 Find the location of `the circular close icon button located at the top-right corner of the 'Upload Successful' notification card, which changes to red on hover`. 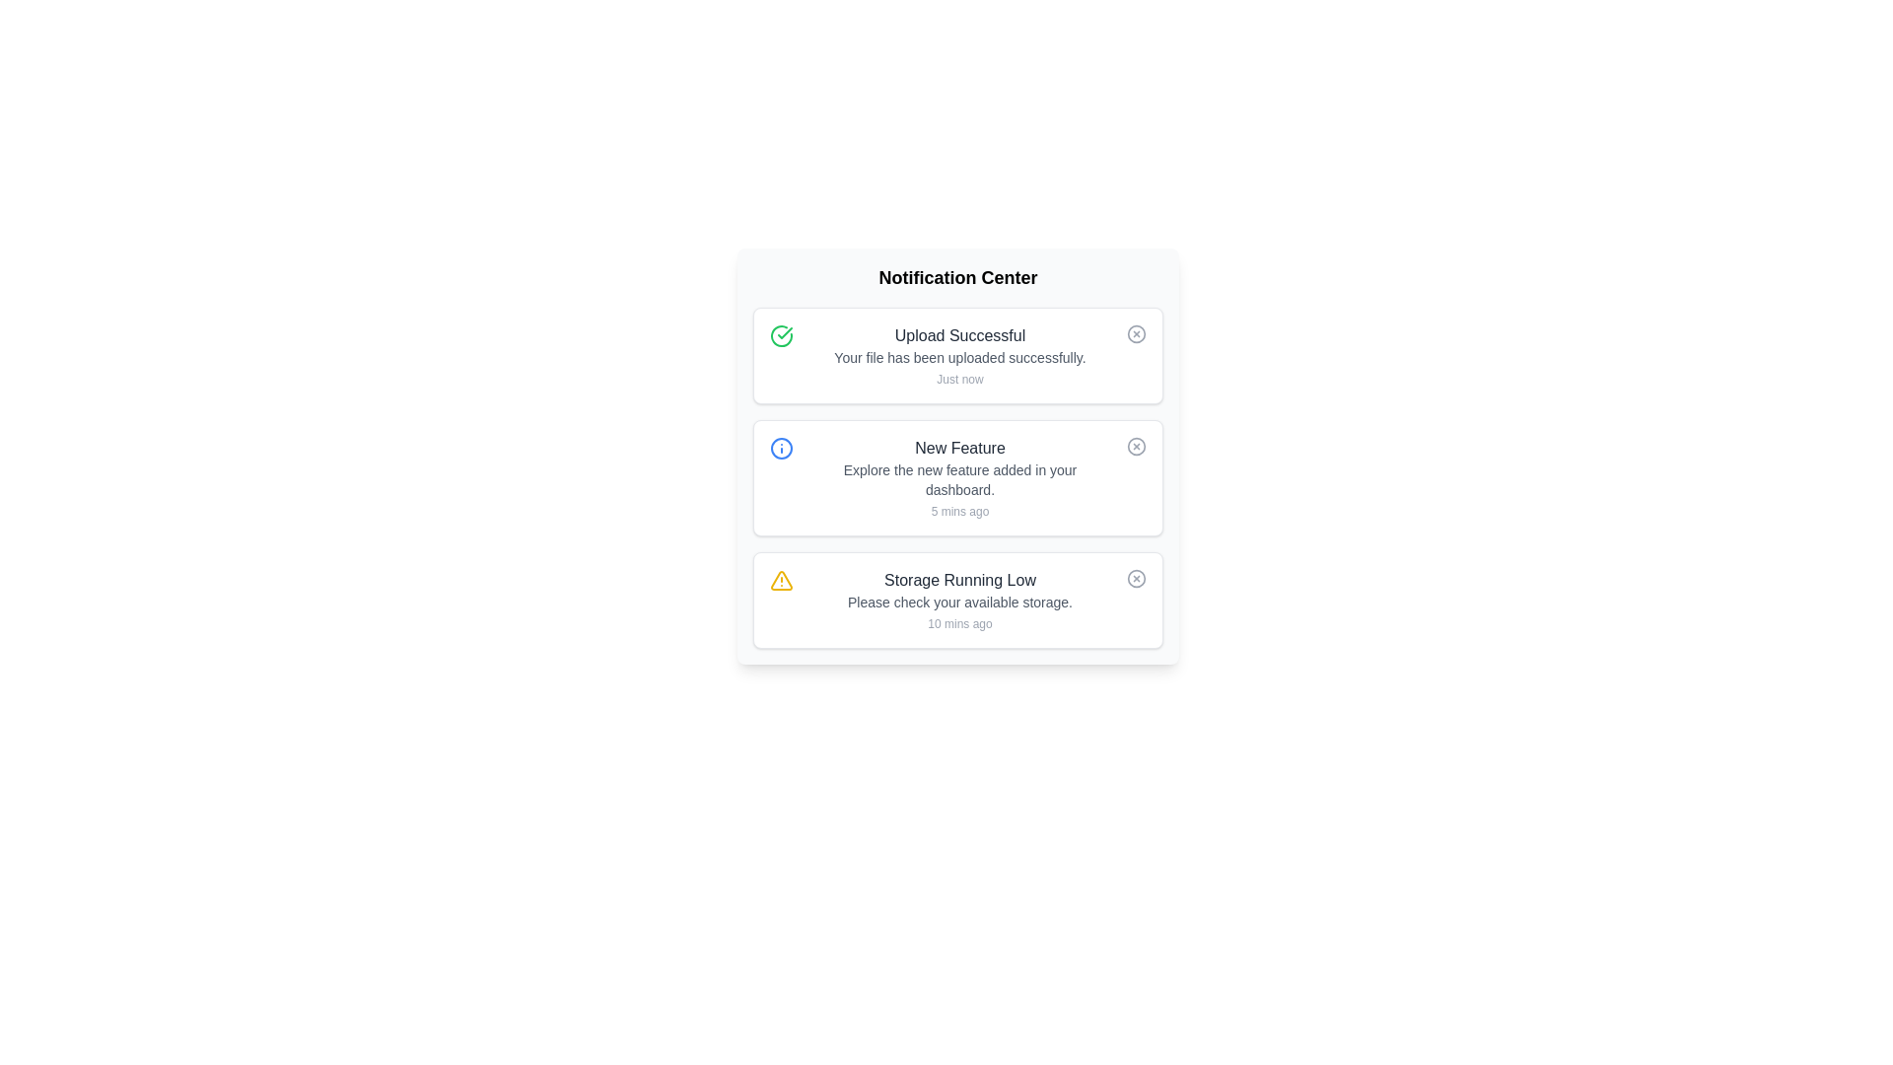

the circular close icon button located at the top-right corner of the 'Upload Successful' notification card, which changes to red on hover is located at coordinates (1136, 333).